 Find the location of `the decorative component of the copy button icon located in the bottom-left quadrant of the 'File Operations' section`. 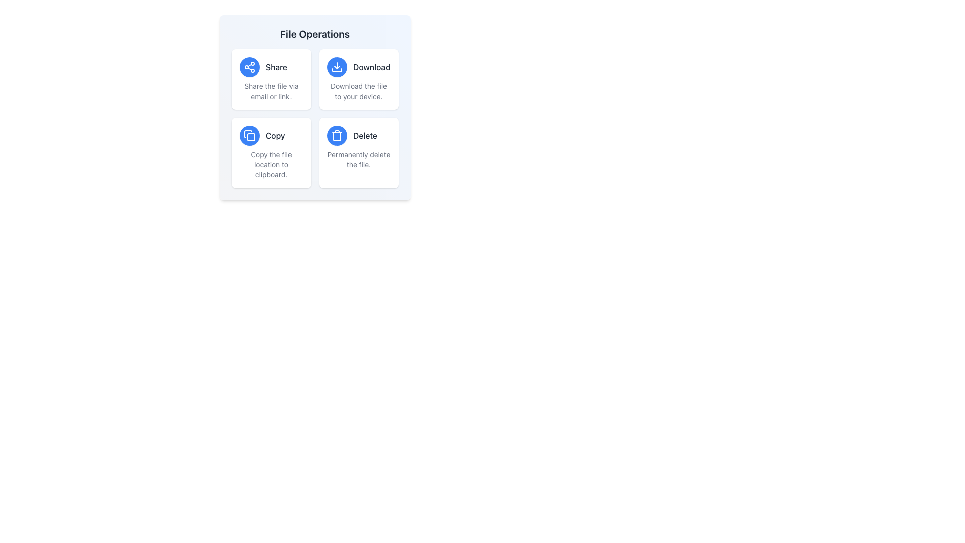

the decorative component of the copy button icon located in the bottom-left quadrant of the 'File Operations' section is located at coordinates (251, 137).